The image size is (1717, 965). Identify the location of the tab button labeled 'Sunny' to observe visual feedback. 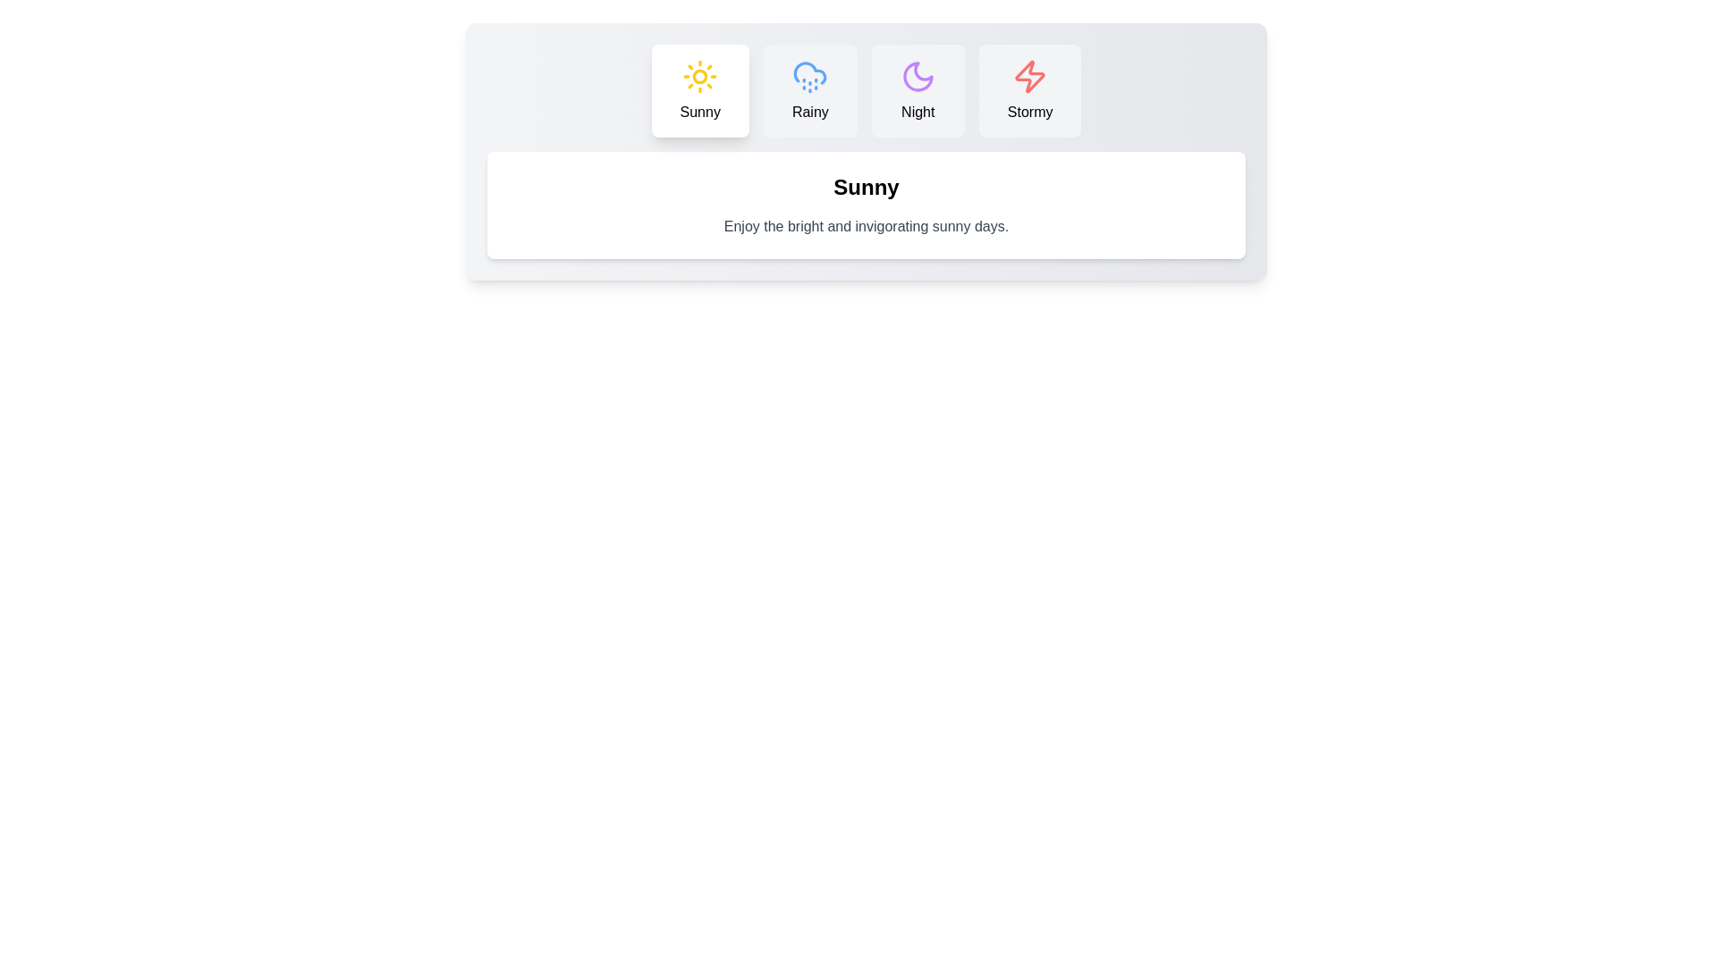
(699, 90).